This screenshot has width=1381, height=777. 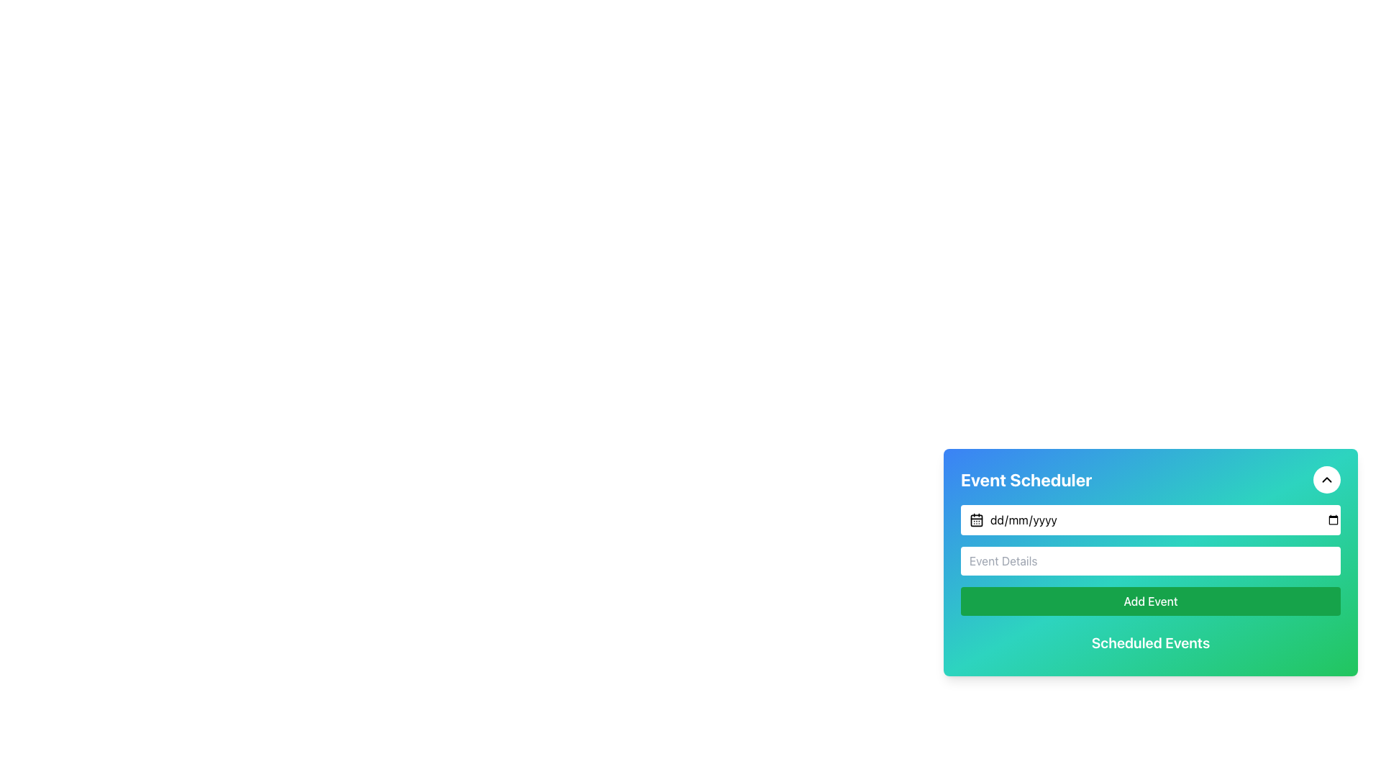 I want to click on the Chevron Icon located in the top-right corner of the 'Event Scheduler' card interface, so click(x=1326, y=480).